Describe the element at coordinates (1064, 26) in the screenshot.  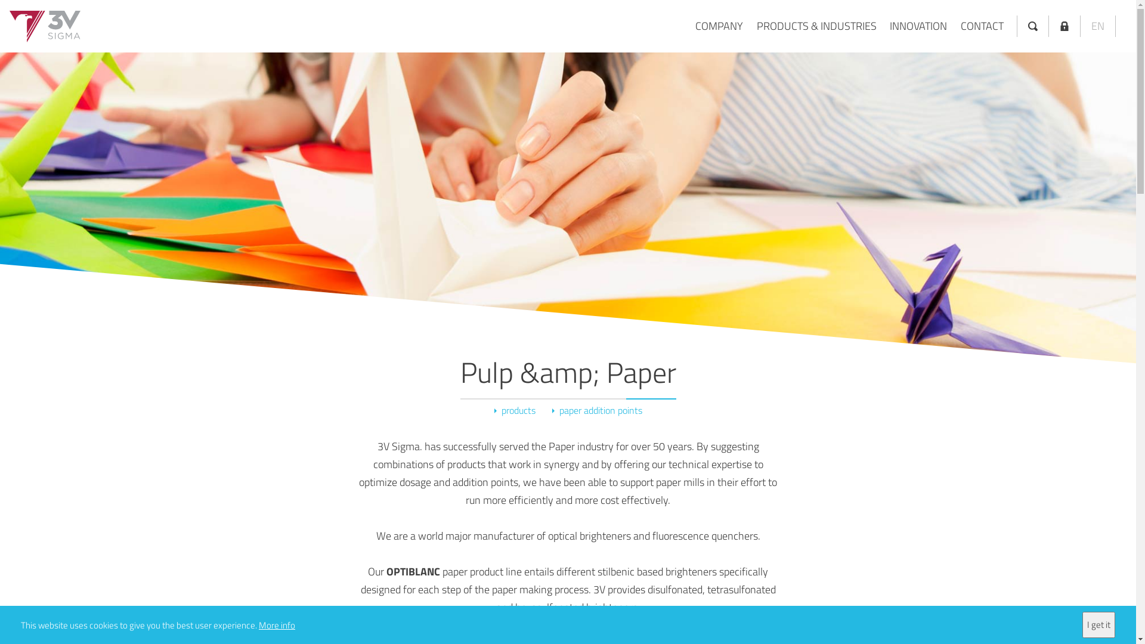
I see `'Log in'` at that location.